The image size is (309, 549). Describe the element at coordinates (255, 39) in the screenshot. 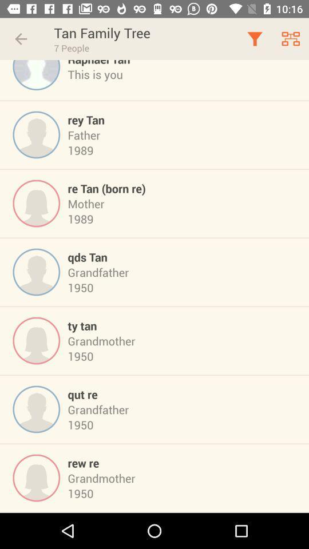

I see `item to the right of the tan family tree icon` at that location.